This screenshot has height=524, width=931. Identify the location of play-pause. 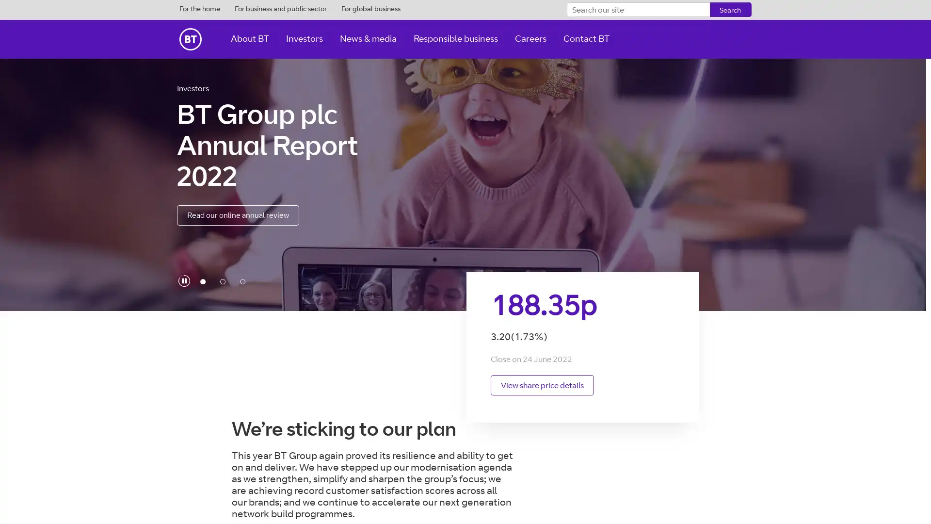
(181, 282).